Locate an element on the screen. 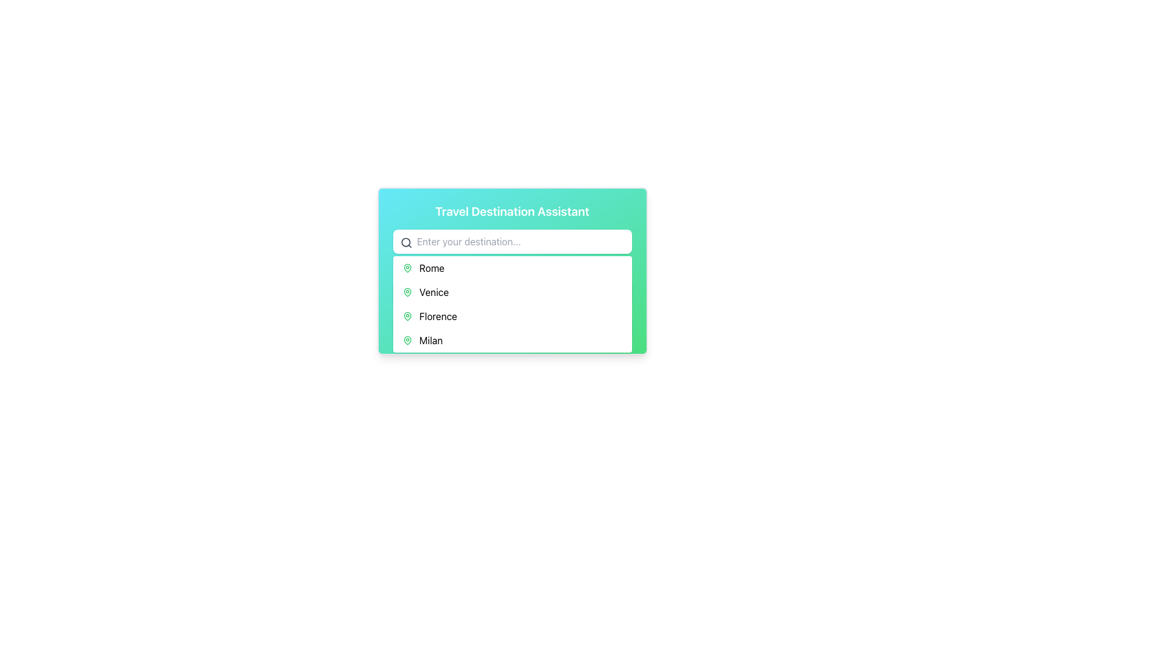 The width and height of the screenshot is (1158, 651). the selectable list item labeled 'Florence', which is the third option in a dropdown panel is located at coordinates (512, 315).